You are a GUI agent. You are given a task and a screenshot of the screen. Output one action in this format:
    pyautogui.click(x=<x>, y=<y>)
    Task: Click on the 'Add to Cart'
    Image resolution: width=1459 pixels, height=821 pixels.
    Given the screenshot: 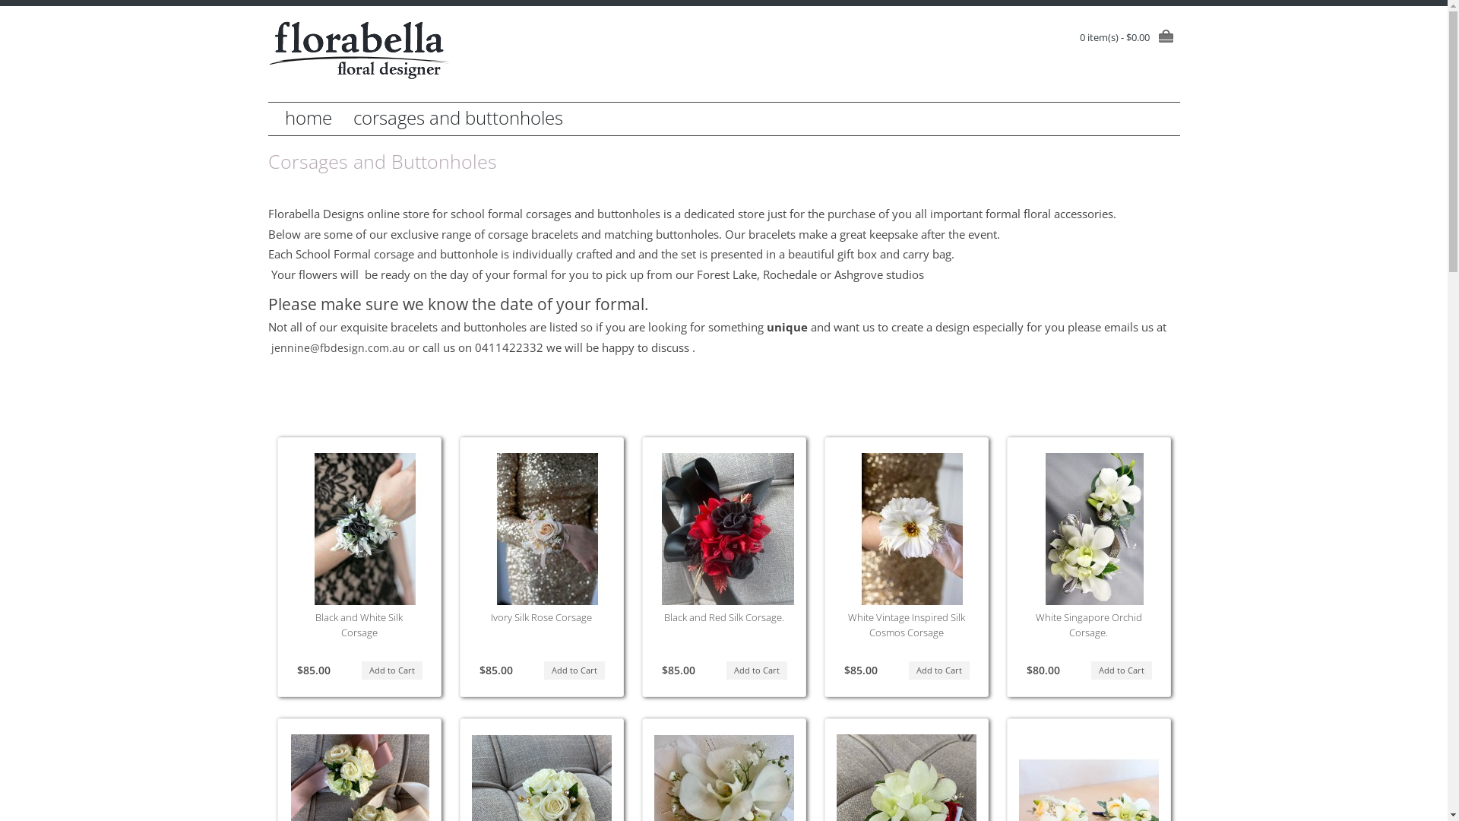 What is the action you would take?
    pyautogui.click(x=725, y=670)
    